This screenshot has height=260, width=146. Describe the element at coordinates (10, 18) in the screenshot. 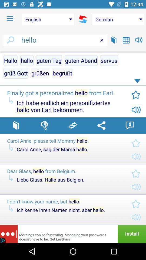

I see `item next to the english item` at that location.